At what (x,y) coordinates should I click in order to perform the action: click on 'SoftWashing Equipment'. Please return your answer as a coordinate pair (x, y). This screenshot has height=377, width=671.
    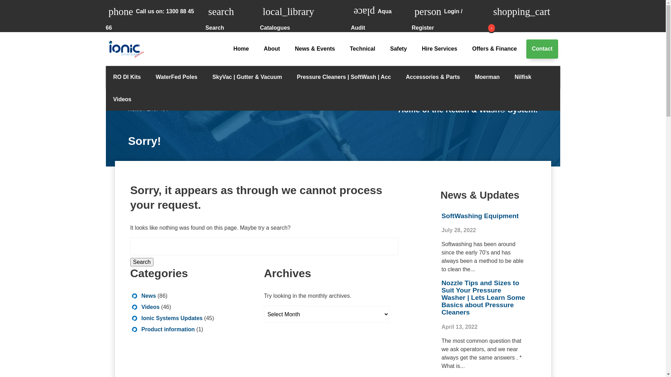
    Looking at the image, I should click on (441, 215).